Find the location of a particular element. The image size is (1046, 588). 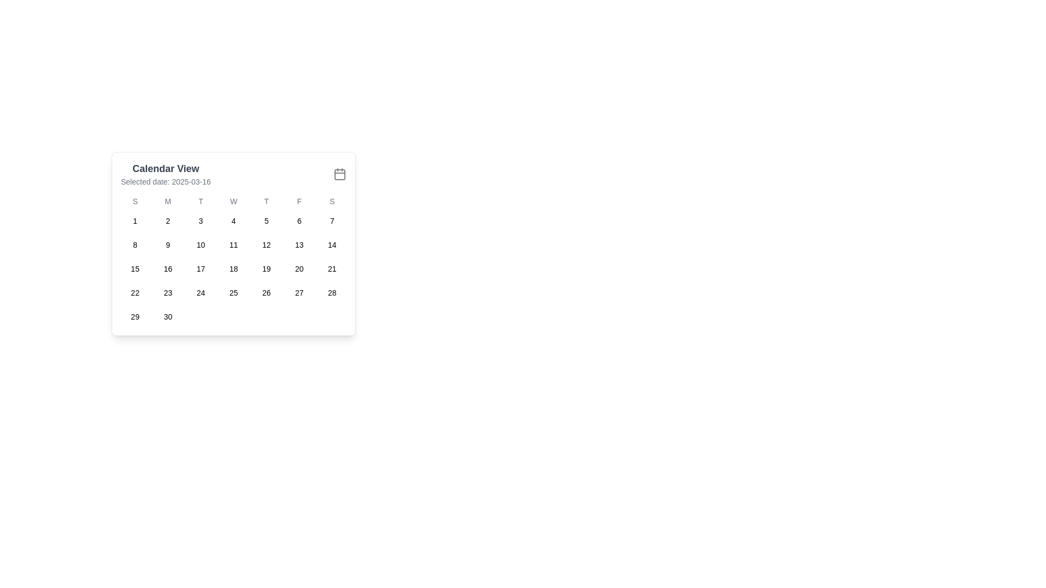

the clickable date cell positioned in the seventh column and fourth row of the calendar grid is located at coordinates (331, 268).